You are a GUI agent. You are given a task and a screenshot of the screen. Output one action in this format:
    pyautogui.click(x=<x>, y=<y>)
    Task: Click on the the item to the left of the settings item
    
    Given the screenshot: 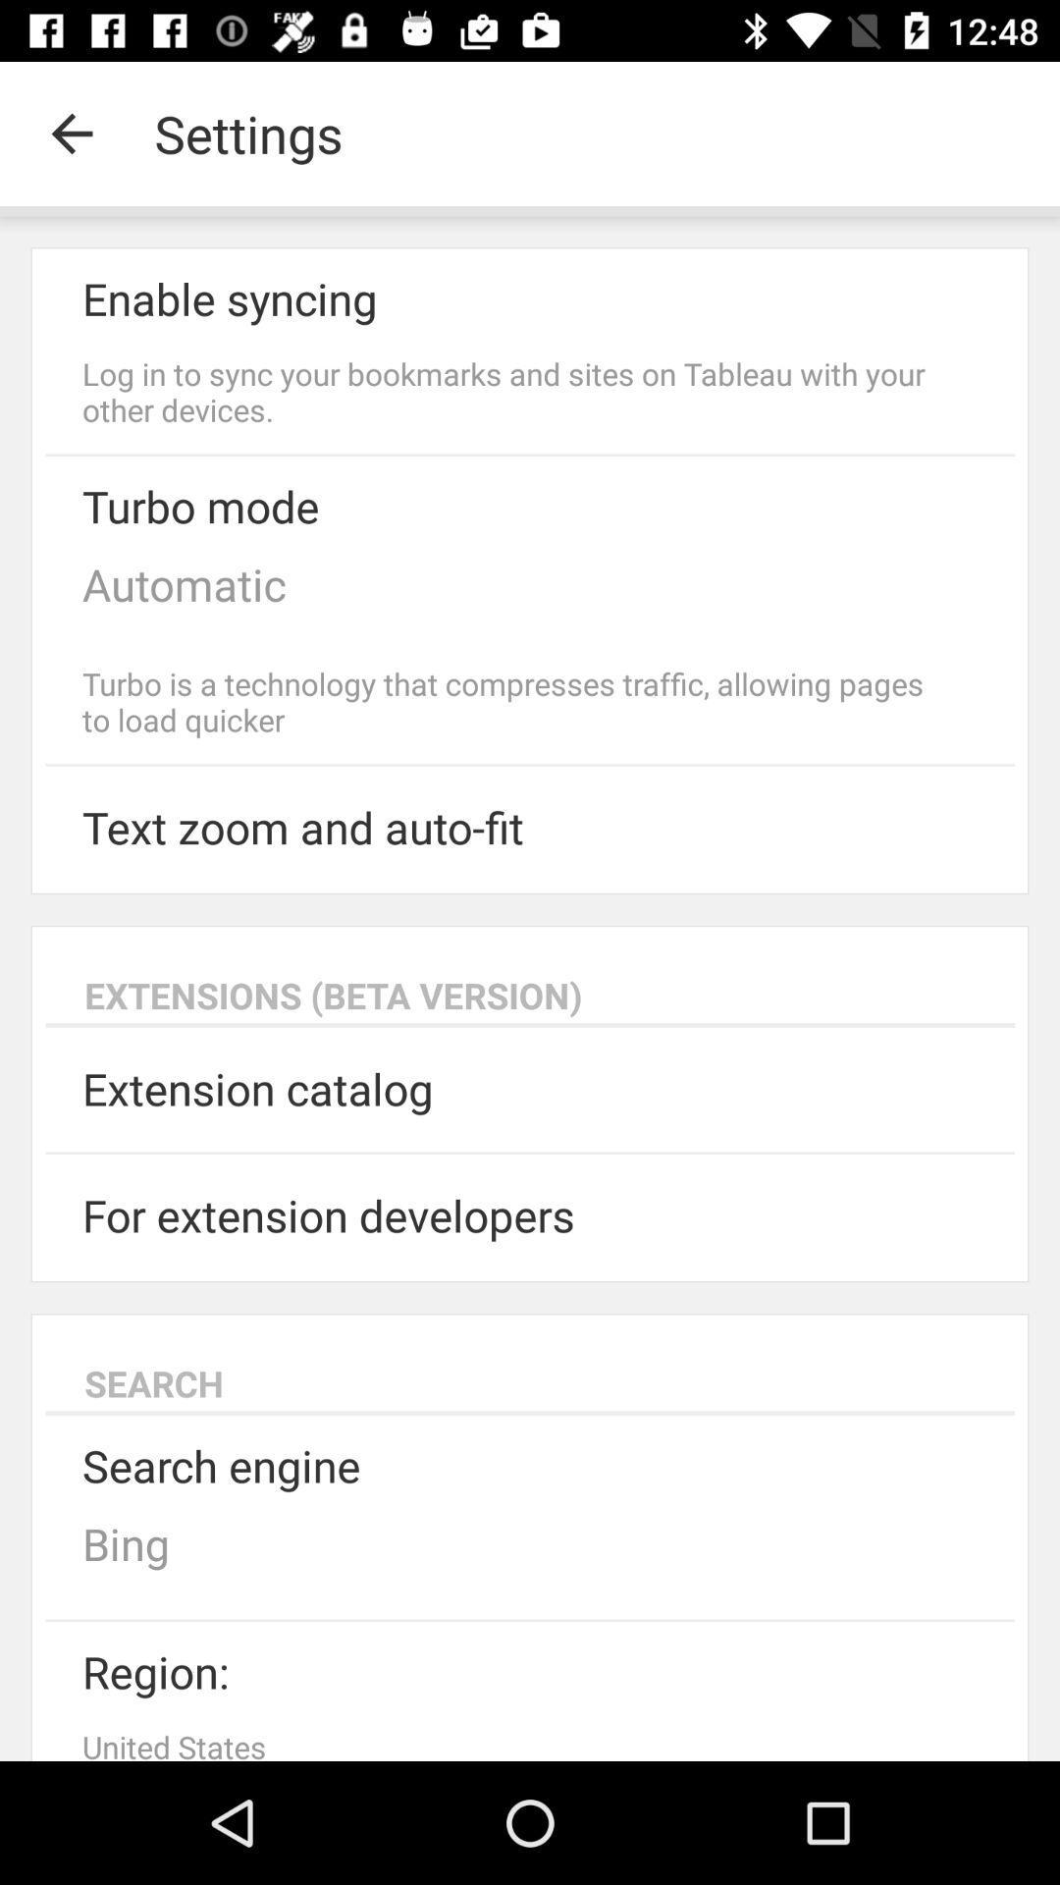 What is the action you would take?
    pyautogui.click(x=71, y=133)
    